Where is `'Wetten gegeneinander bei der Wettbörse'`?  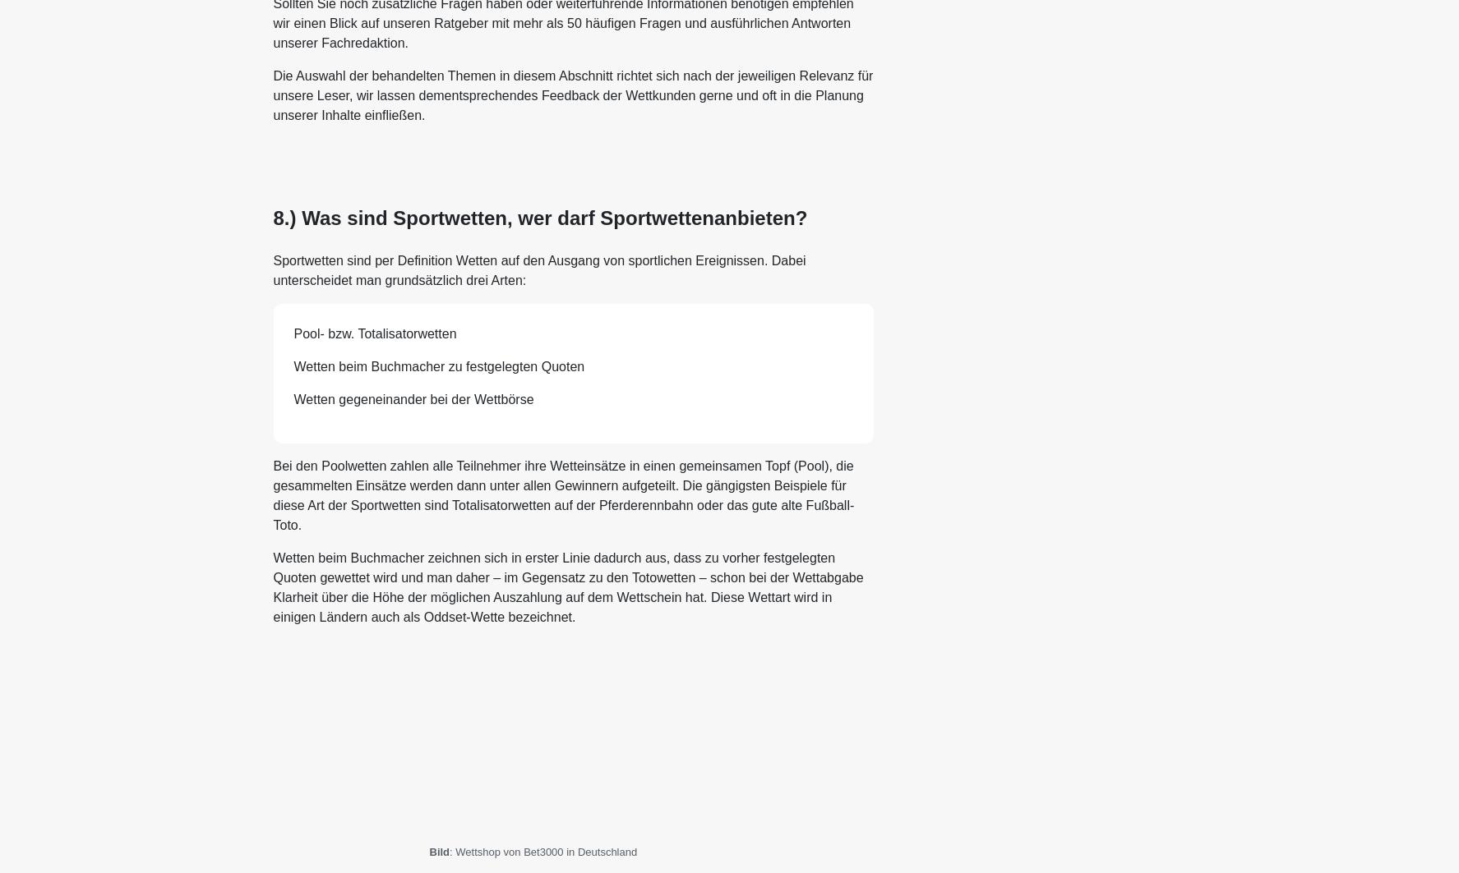 'Wetten gegeneinander bei der Wettbörse' is located at coordinates (292, 398).